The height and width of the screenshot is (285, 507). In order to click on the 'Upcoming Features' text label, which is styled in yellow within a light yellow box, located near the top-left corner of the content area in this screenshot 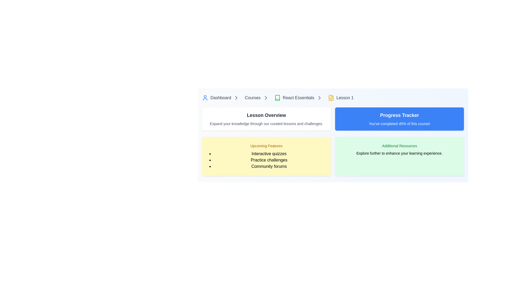, I will do `click(266, 146)`.